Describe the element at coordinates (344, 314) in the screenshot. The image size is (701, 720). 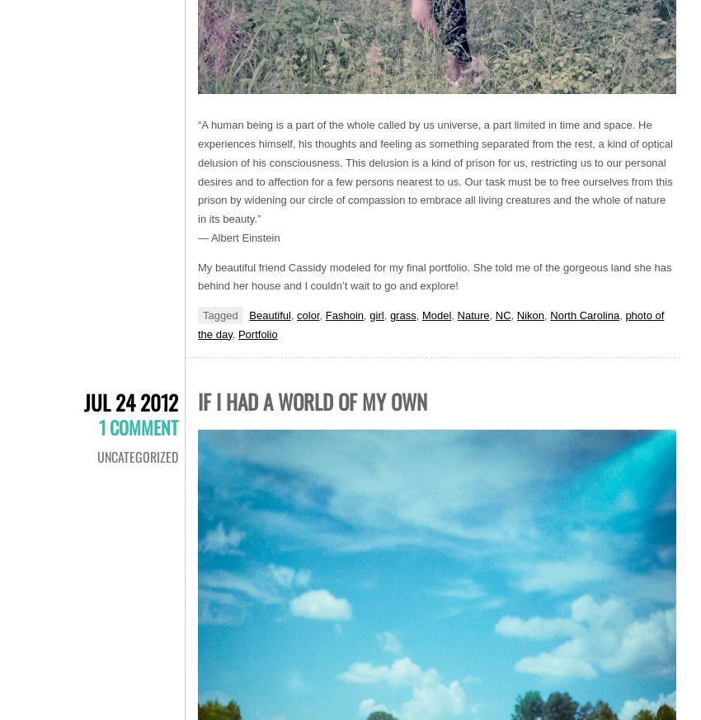
I see `'Fashoin'` at that location.